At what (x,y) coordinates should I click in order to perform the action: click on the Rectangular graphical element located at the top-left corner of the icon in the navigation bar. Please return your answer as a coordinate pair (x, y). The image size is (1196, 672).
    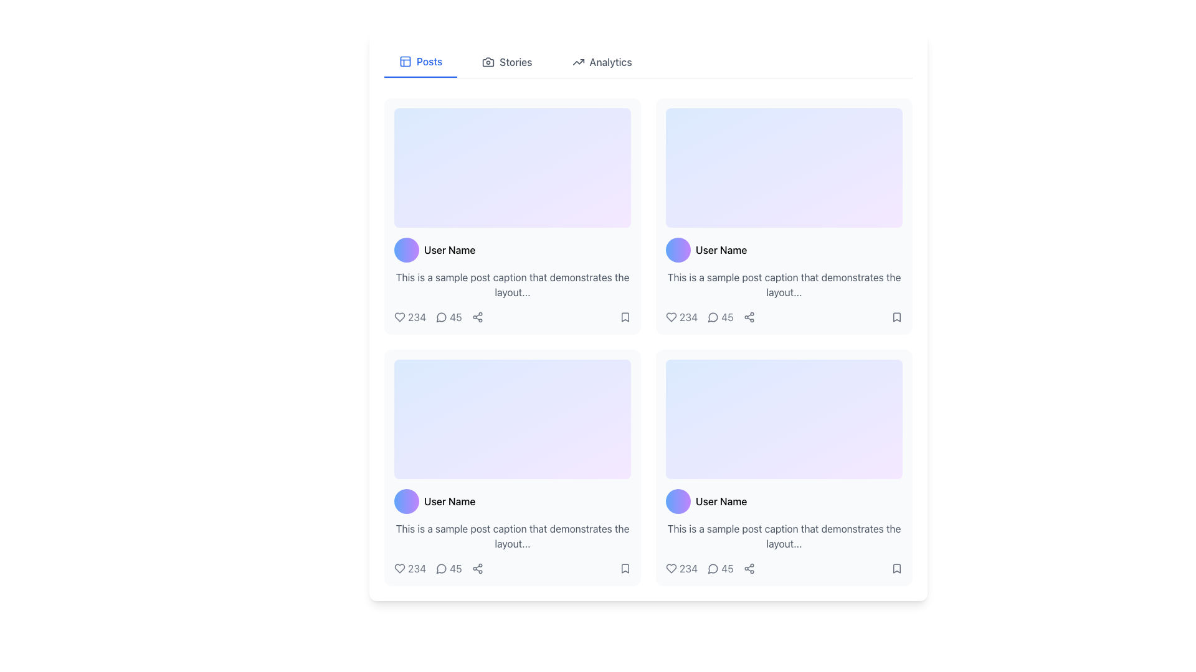
    Looking at the image, I should click on (406, 62).